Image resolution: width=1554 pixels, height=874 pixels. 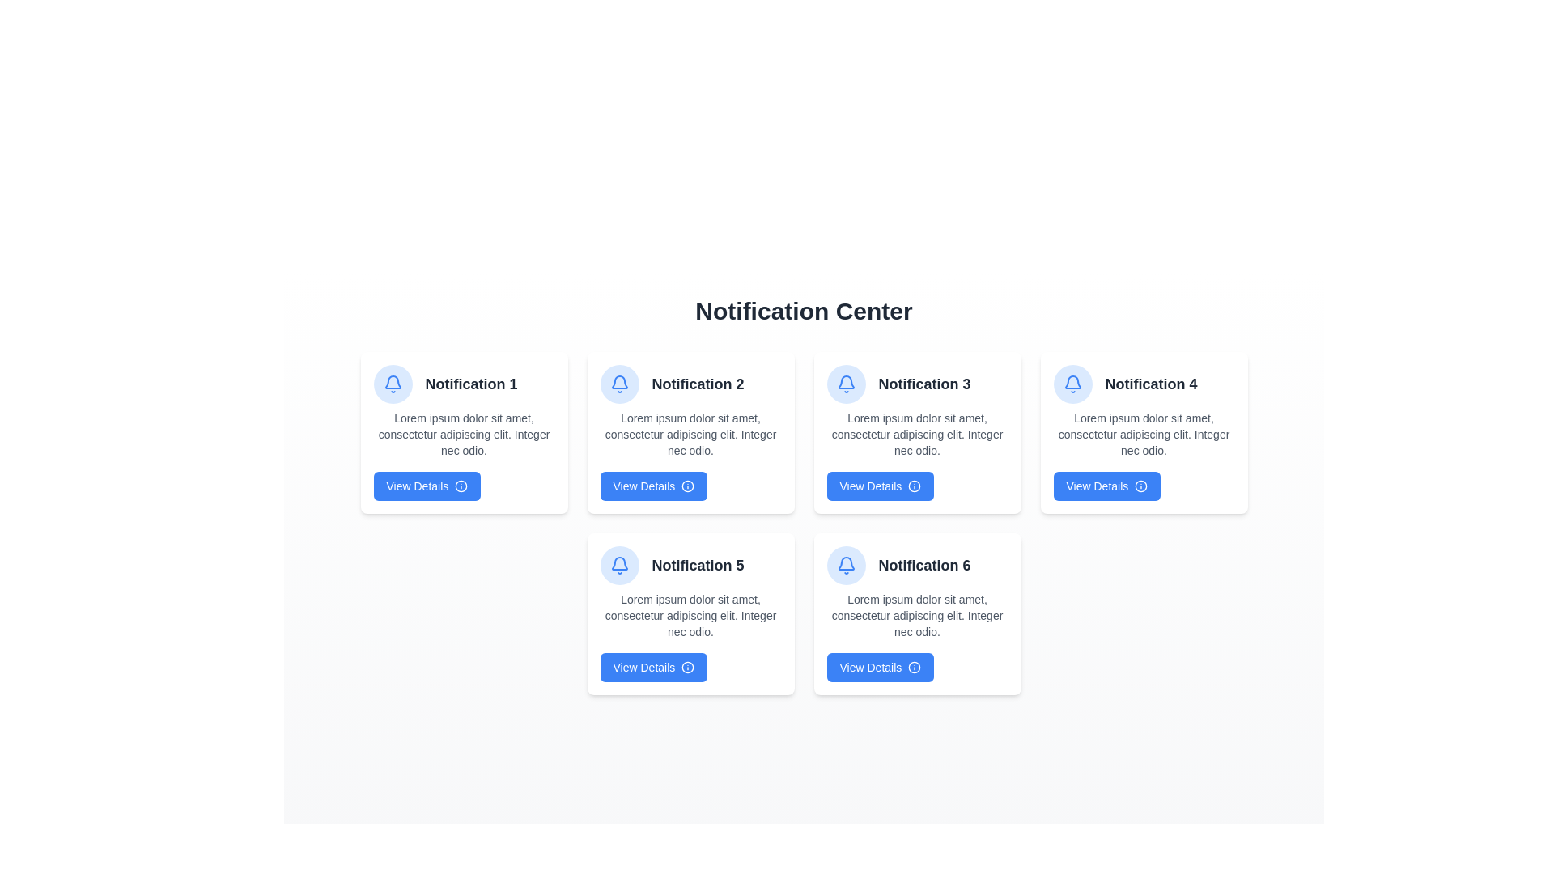 What do you see at coordinates (915, 486) in the screenshot?
I see `the icon within the 'View Details' button of 'Notification 3' in the first row, third column of the grid layout to possibly trigger a related action` at bounding box center [915, 486].